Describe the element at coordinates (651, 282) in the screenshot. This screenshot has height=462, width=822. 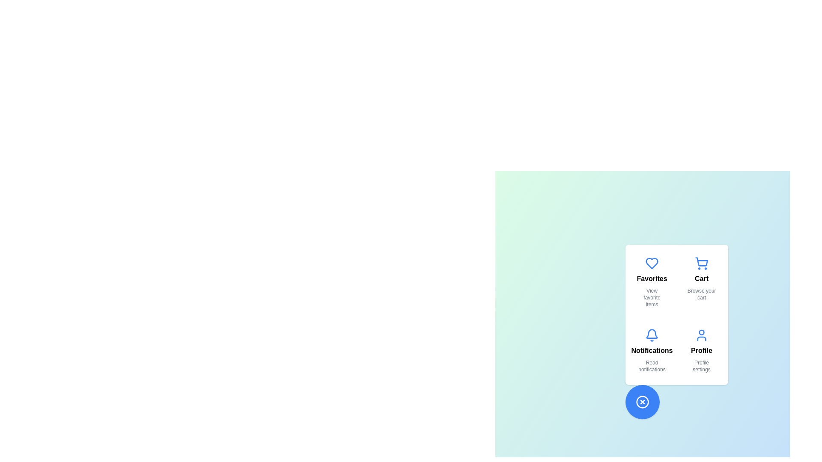
I see `the option Favorites from the displayed options in the InteractiveSpeedDial` at that location.